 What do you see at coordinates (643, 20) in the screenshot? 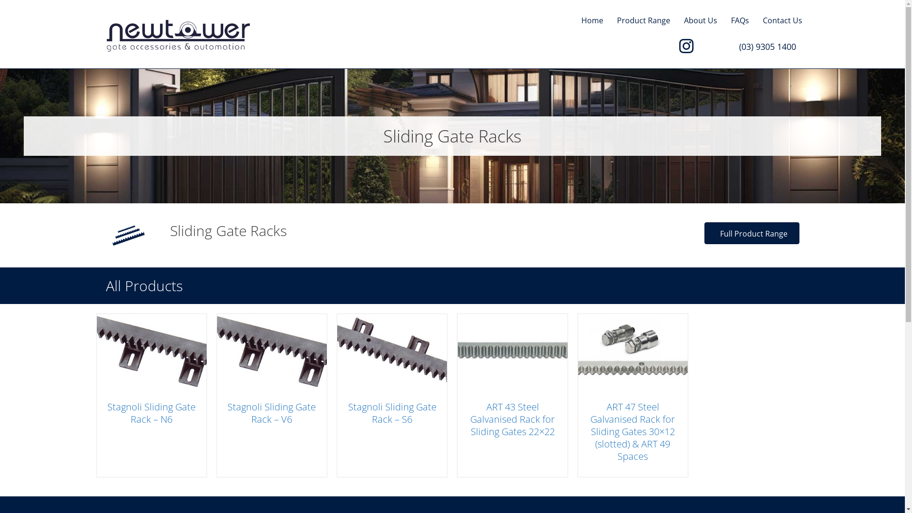
I see `'Product Range'` at bounding box center [643, 20].